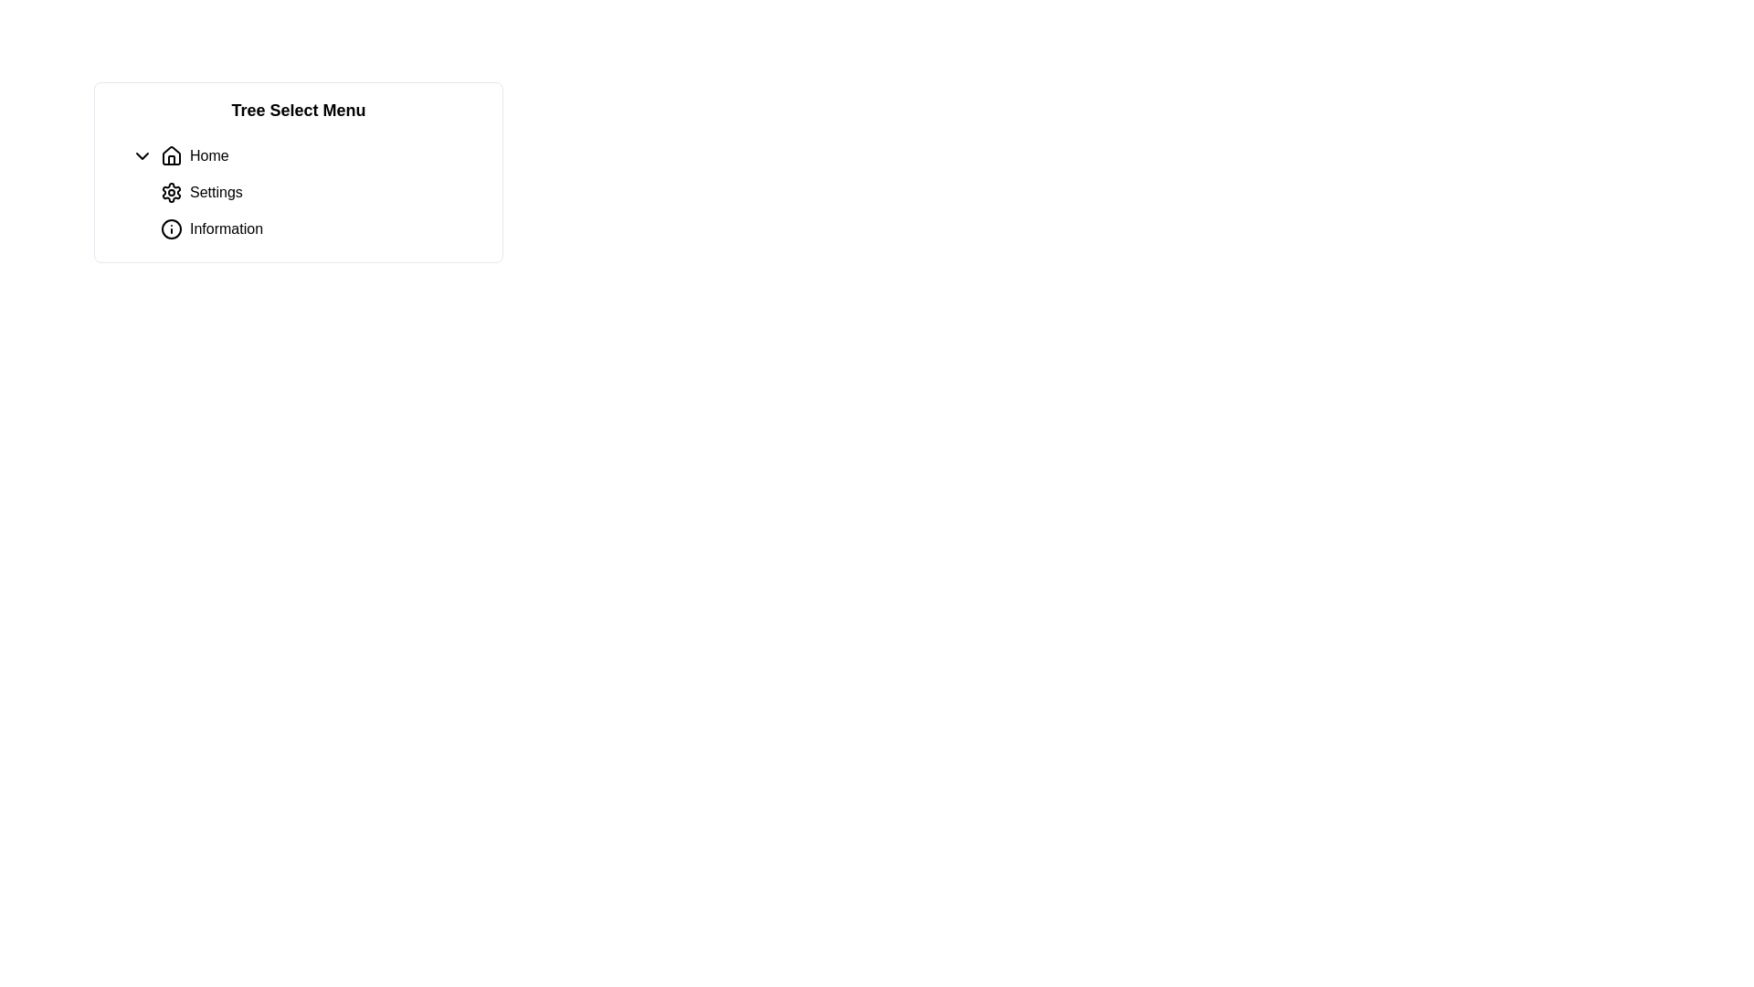  Describe the element at coordinates (306, 193) in the screenshot. I see `the 'Settings' menu entry, which is the second item in the list, positioned below 'Home' and above 'Information'` at that location.